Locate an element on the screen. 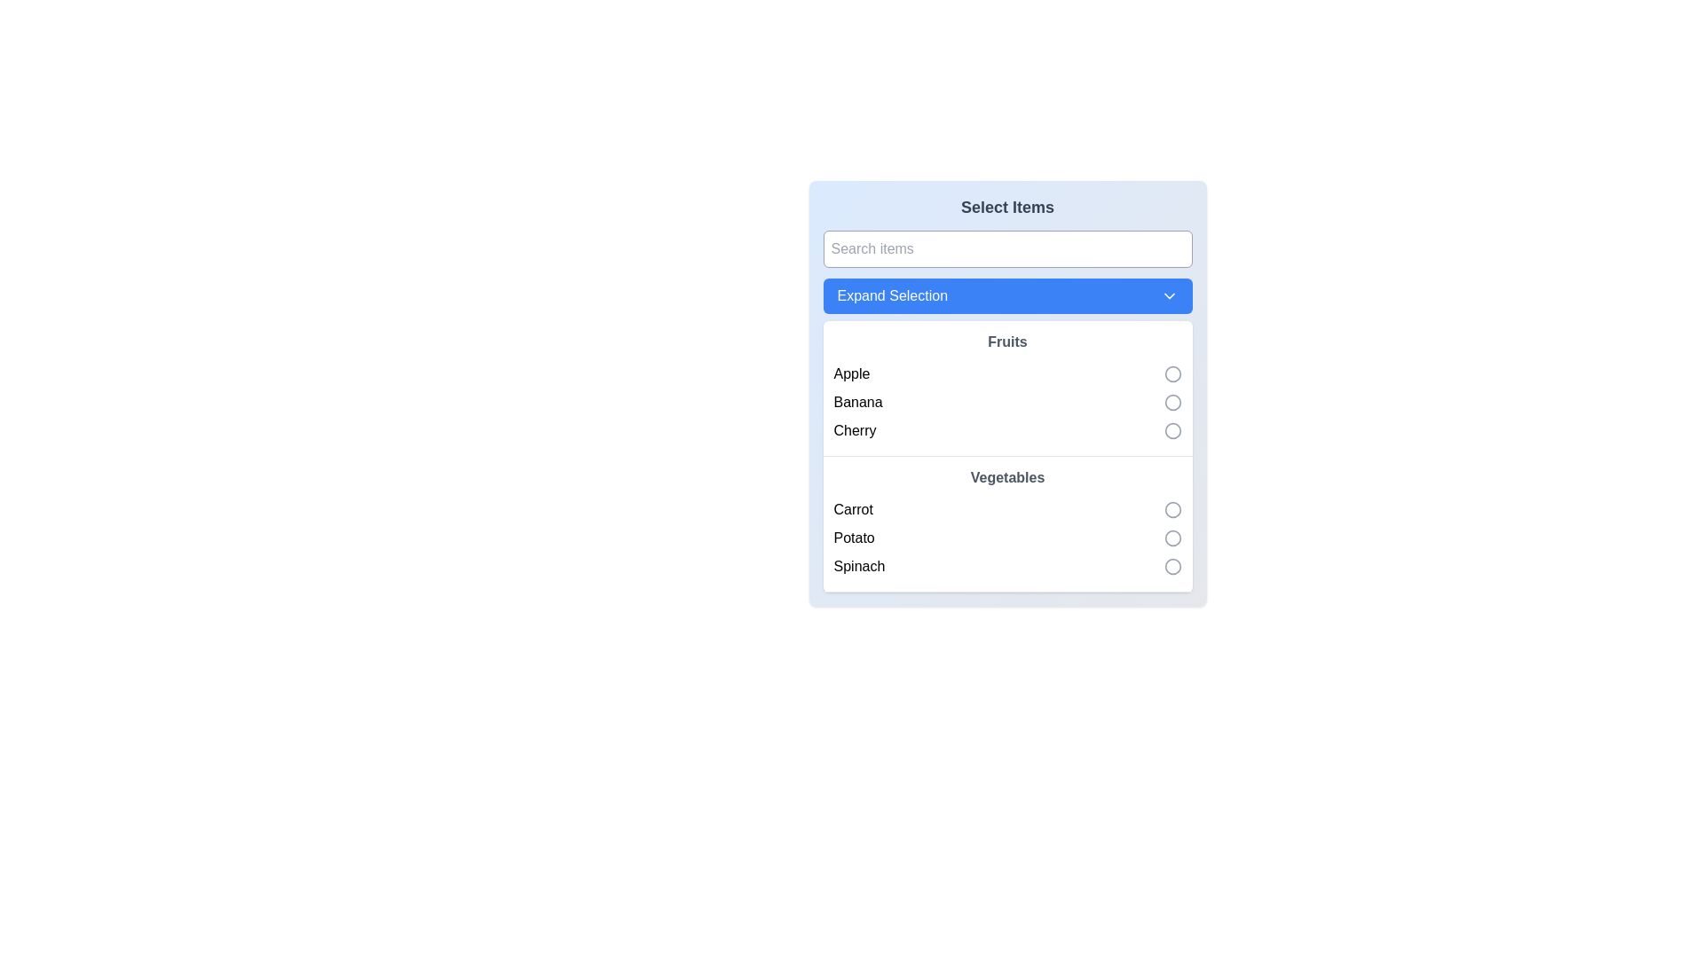  the 'Banana' label, which is the second item in the 'Fruits' section of the 'Select Items' interface, displaying the text in black and a sans-serif font is located at coordinates (858, 403).